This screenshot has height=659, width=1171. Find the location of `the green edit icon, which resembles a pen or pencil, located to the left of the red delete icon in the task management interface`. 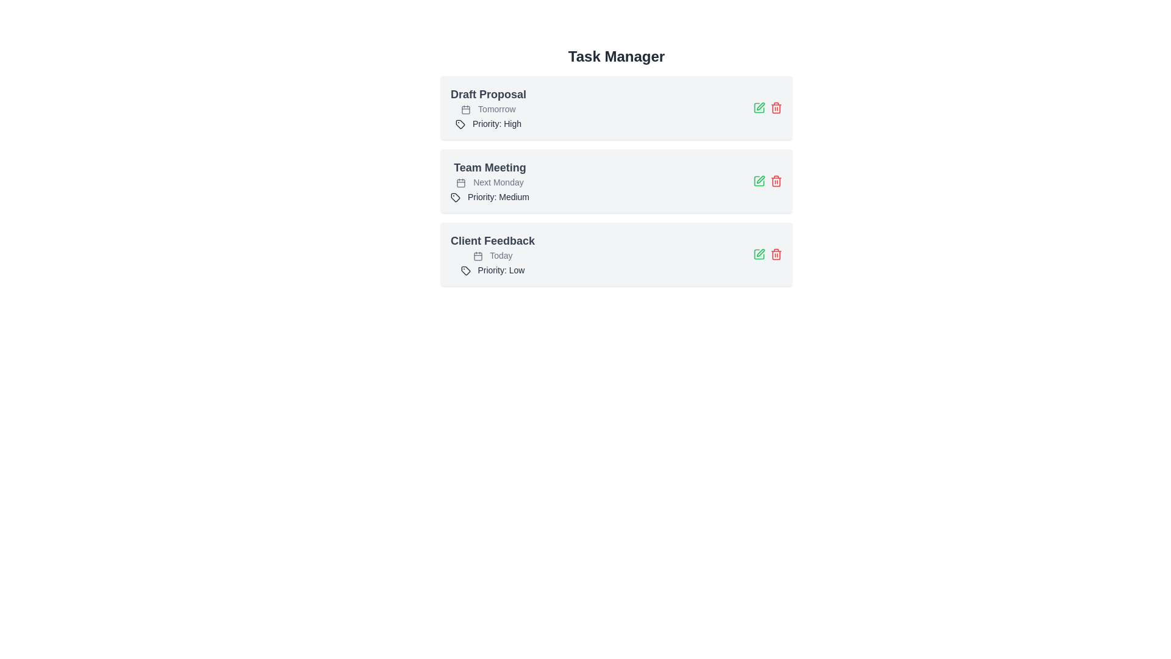

the green edit icon, which resembles a pen or pencil, located to the left of the red delete icon in the task management interface is located at coordinates (758, 253).